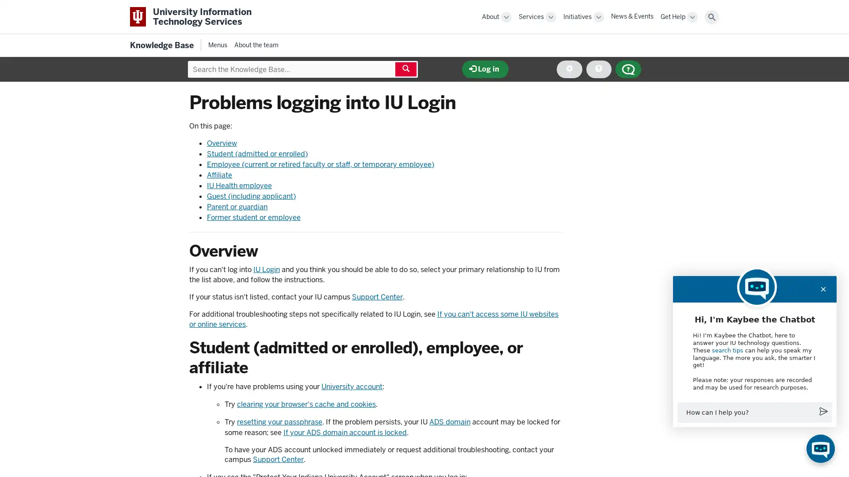 This screenshot has width=849, height=477. I want to click on Toggle Services navigation, so click(551, 17).